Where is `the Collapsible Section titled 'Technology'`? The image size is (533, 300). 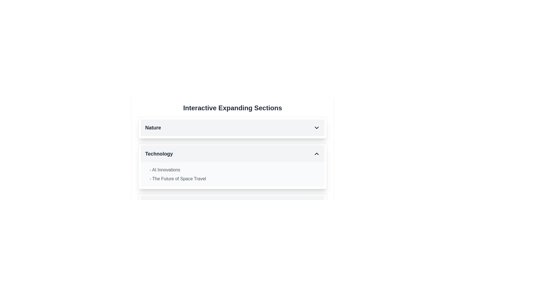
the Collapsible Section titled 'Technology' is located at coordinates (233, 166).